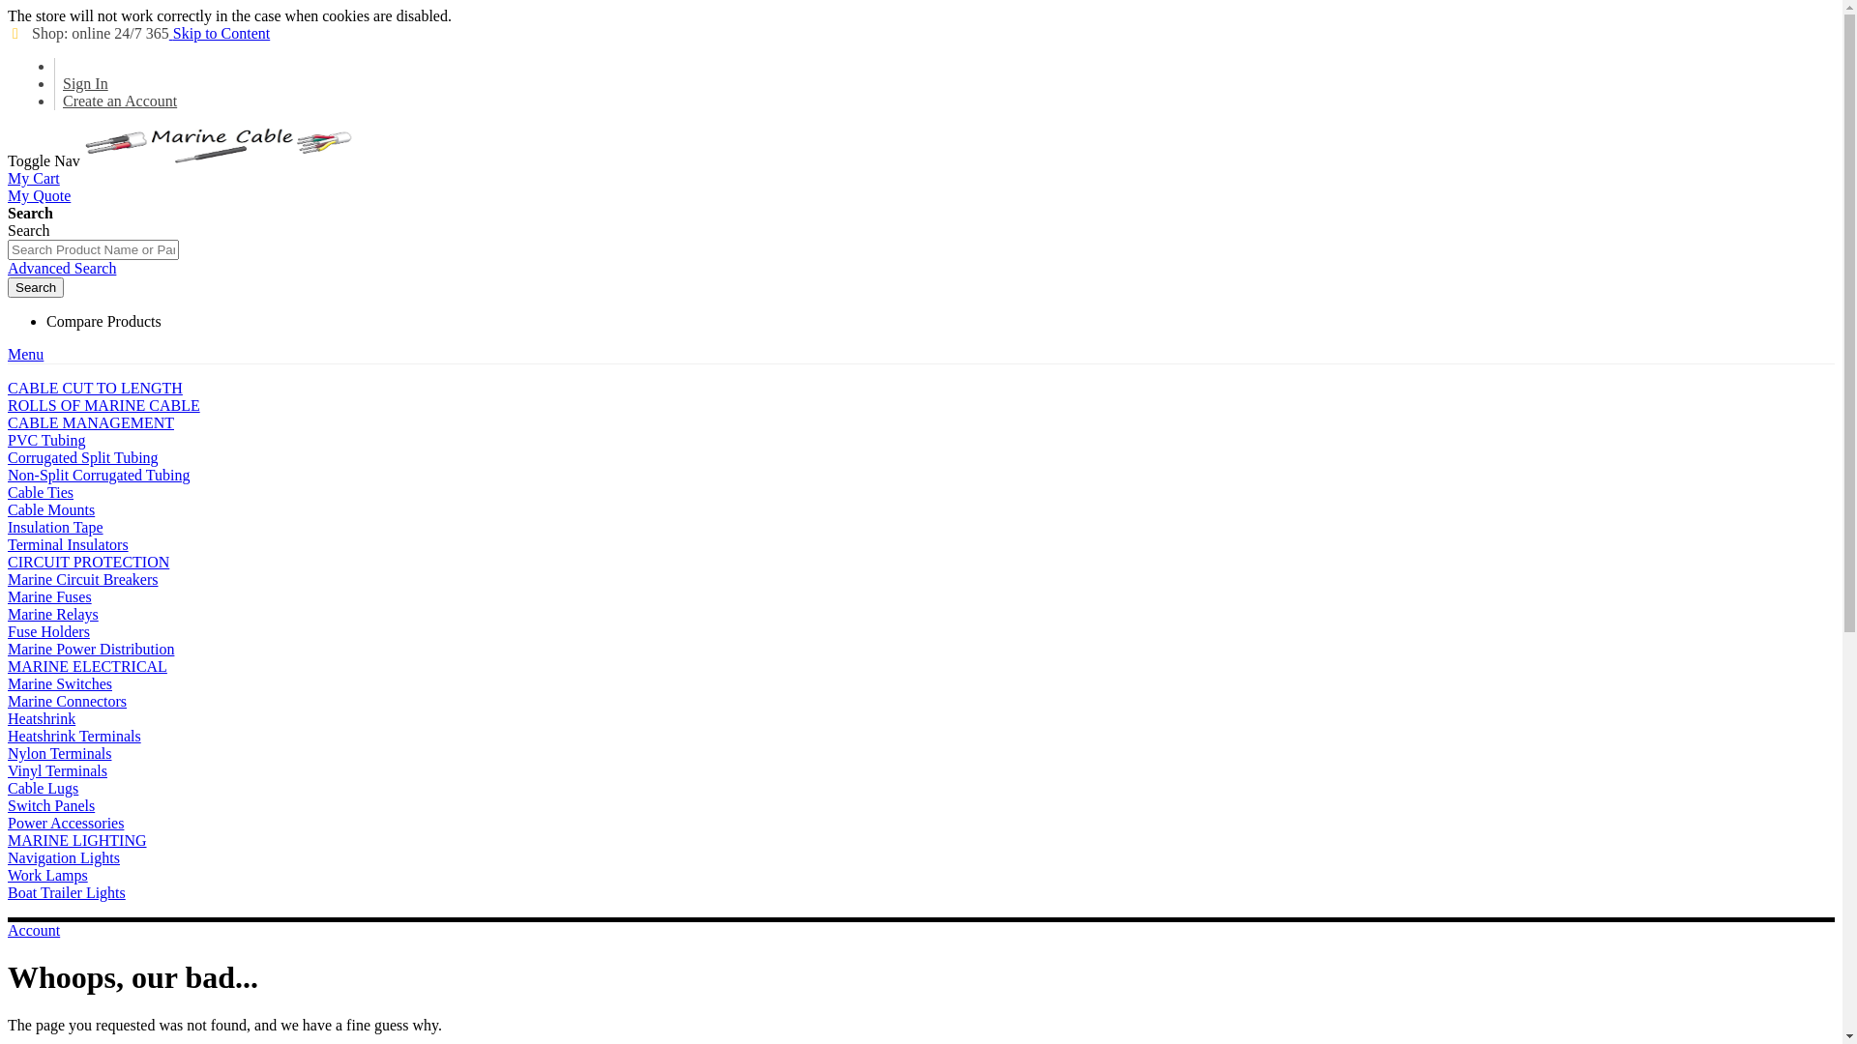 The height and width of the screenshot is (1044, 1857). What do you see at coordinates (41, 491) in the screenshot?
I see `'Cable Ties'` at bounding box center [41, 491].